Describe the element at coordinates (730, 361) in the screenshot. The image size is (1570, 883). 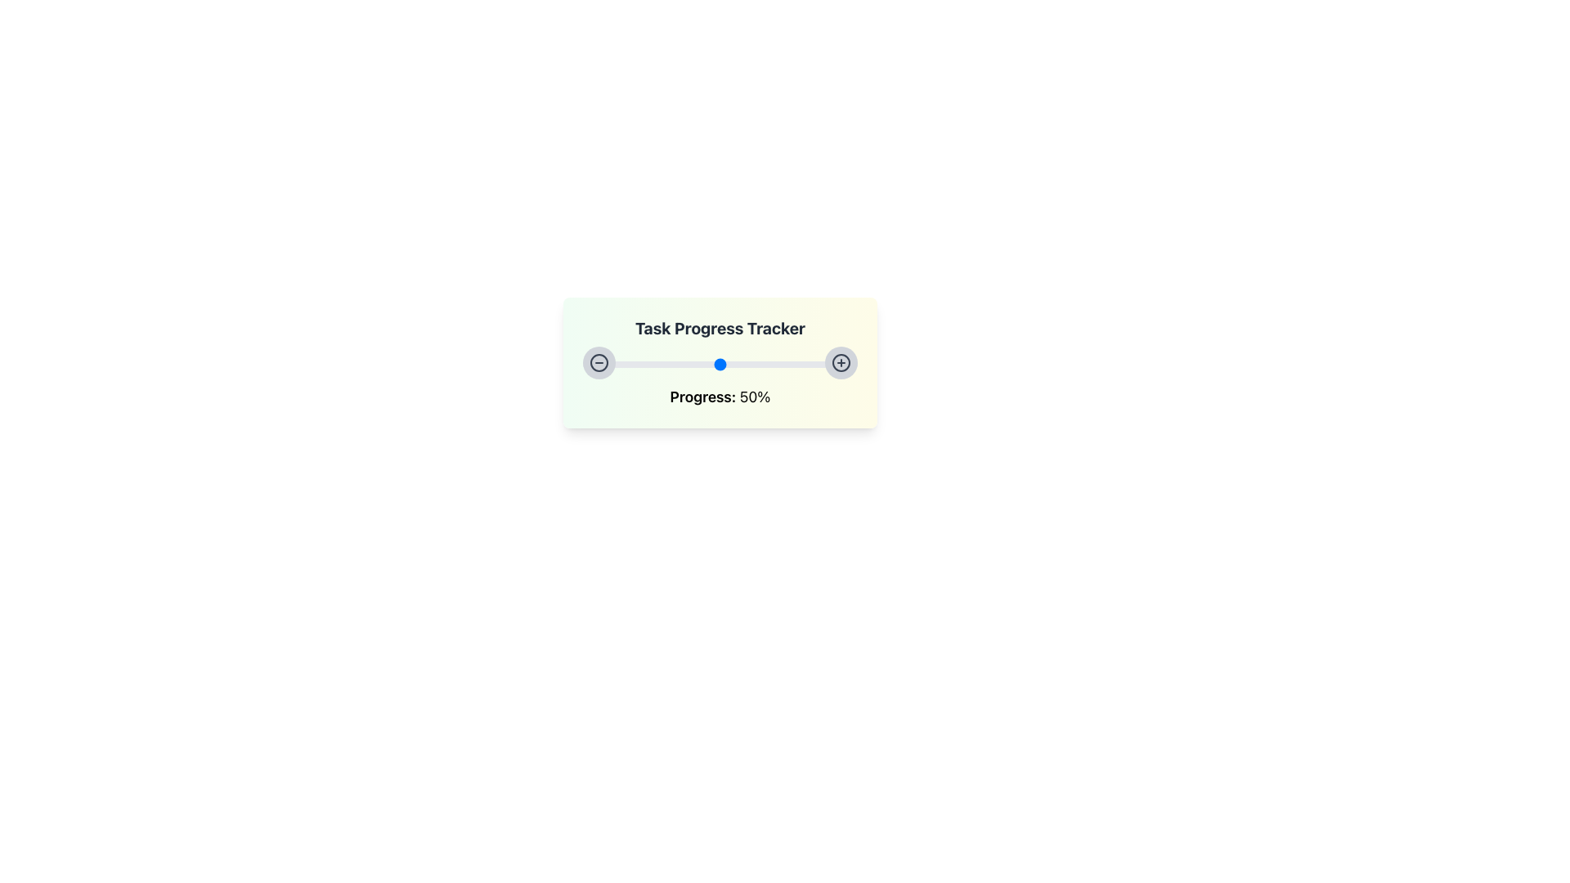
I see `progress value` at that location.